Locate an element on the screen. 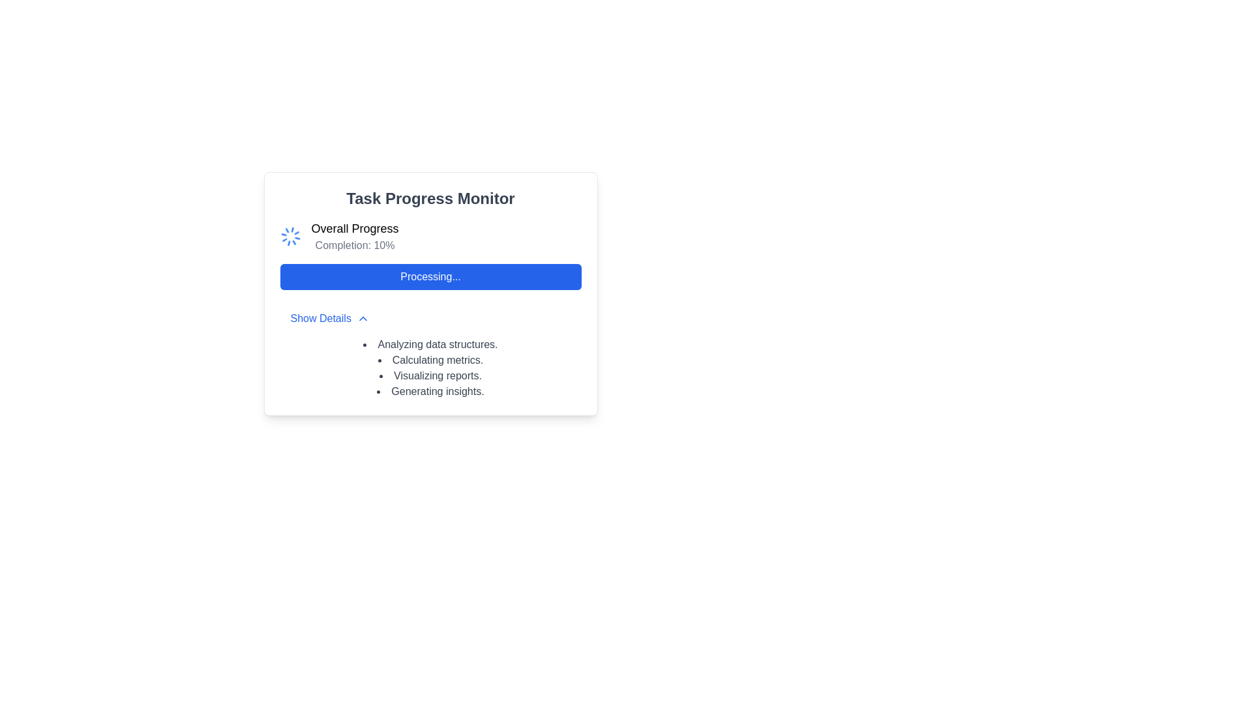  the fourth list item in the 'Show Details' section, which reads 'Generating insights.' is located at coordinates (430, 391).